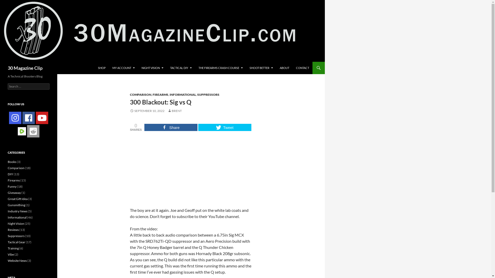 The height and width of the screenshot is (278, 495). Describe the element at coordinates (16, 242) in the screenshot. I see `'Tactical Gear'` at that location.